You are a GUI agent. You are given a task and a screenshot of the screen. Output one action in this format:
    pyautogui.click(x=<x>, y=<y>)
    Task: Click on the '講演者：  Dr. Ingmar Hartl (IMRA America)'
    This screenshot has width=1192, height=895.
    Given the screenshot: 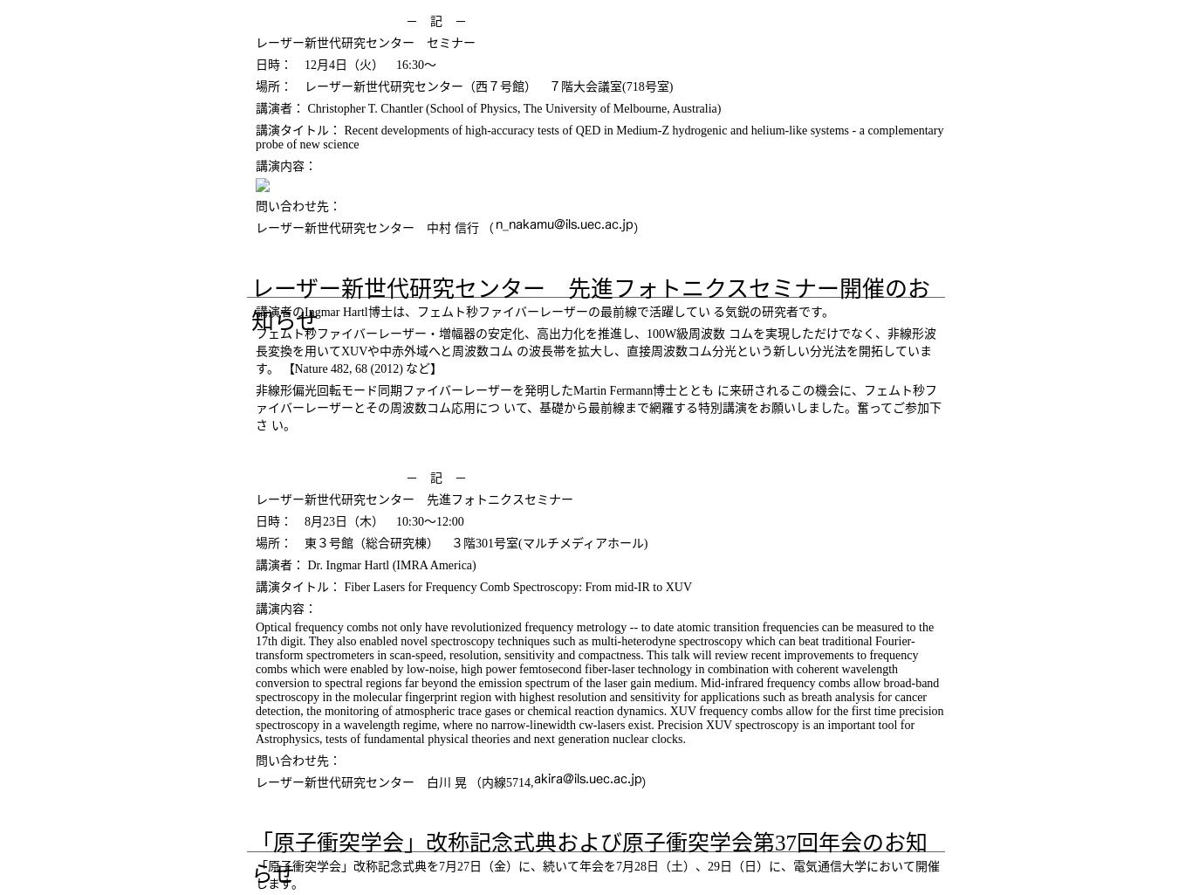 What is the action you would take?
    pyautogui.click(x=364, y=564)
    